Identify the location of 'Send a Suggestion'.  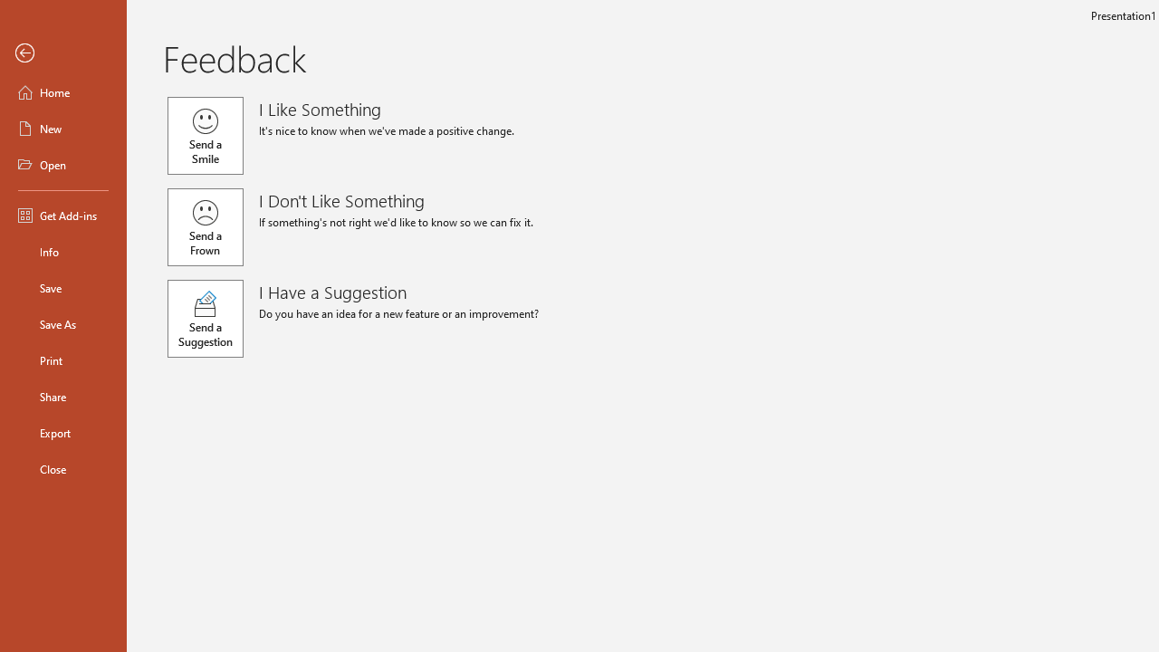
(206, 318).